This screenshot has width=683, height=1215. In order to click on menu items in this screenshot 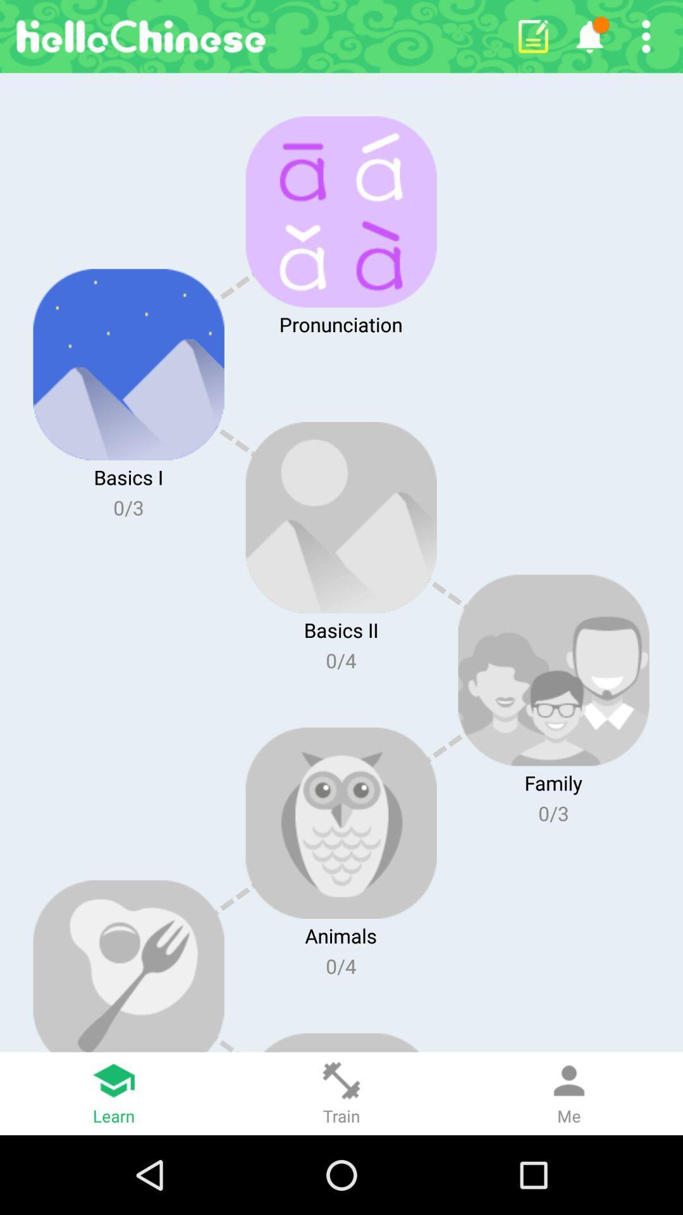, I will do `click(646, 36)`.